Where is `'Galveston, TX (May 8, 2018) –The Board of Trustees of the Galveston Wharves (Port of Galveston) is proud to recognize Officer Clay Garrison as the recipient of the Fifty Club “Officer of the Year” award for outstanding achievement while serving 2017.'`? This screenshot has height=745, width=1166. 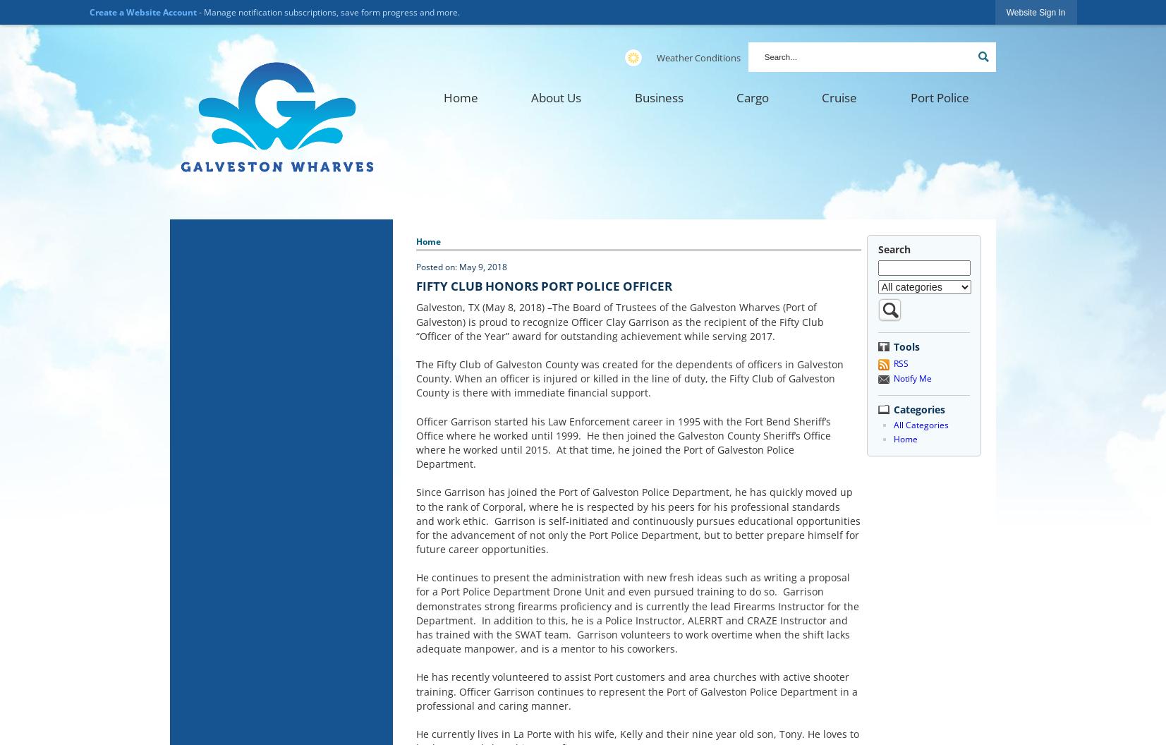 'Galveston, TX (May 8, 2018) –The Board of Trustees of the Galveston Wharves (Port of Galveston) is proud to recognize Officer Clay Garrison as the recipient of the Fifty Club “Officer of the Year” award for outstanding achievement while serving 2017.' is located at coordinates (415, 321).